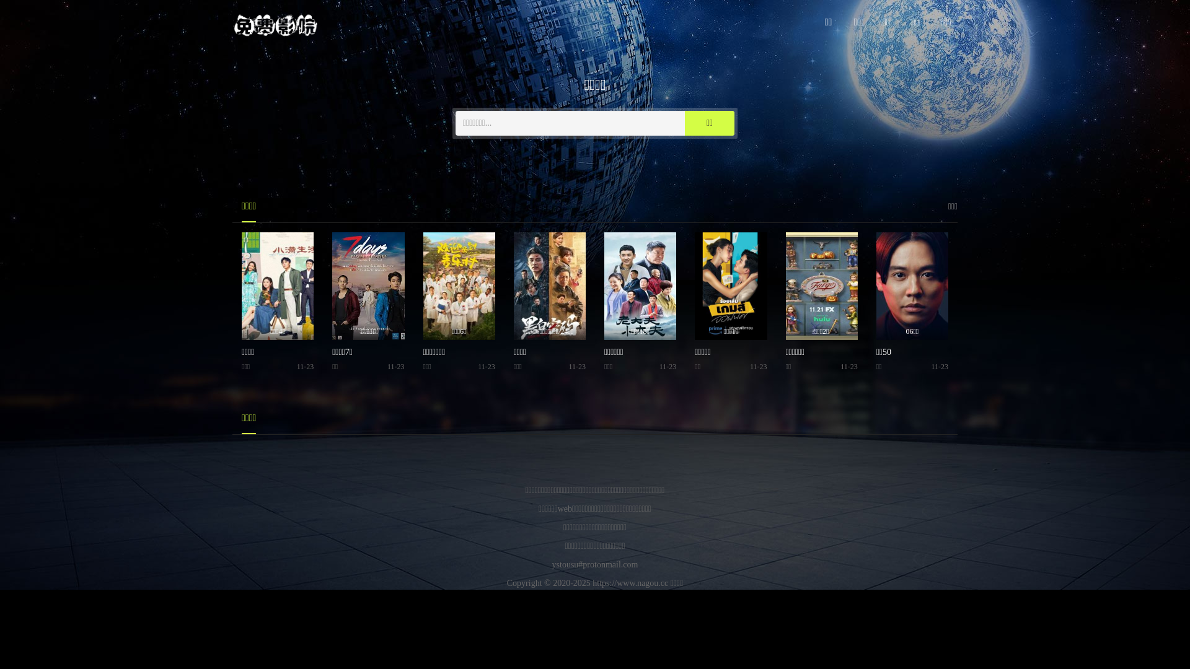 Image resolution: width=1190 pixels, height=669 pixels. Describe the element at coordinates (630, 583) in the screenshot. I see `'https://www.nagou.cc'` at that location.